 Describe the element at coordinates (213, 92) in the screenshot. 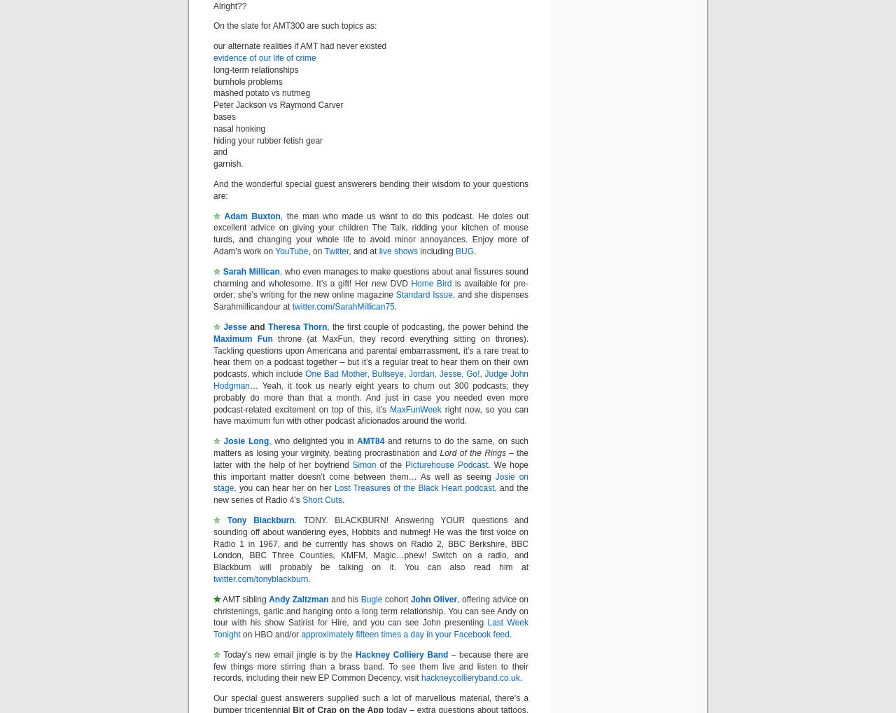

I see `'mashed potato vs nutmeg'` at that location.